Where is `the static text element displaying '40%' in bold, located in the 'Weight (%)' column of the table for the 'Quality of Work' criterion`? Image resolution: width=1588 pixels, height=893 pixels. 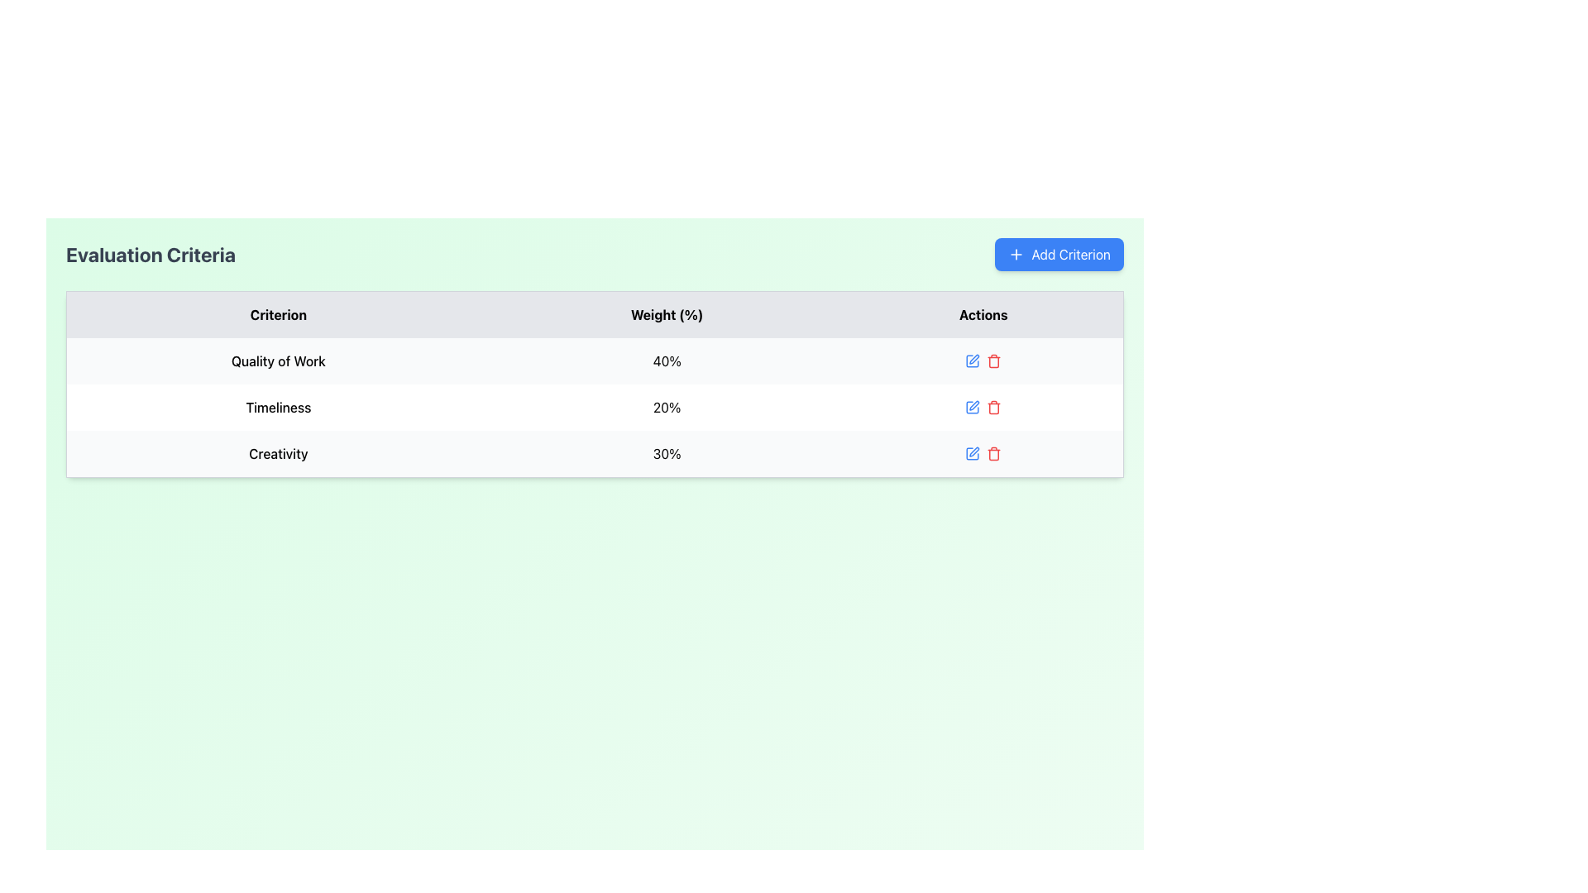 the static text element displaying '40%' in bold, located in the 'Weight (%)' column of the table for the 'Quality of Work' criterion is located at coordinates (667, 360).